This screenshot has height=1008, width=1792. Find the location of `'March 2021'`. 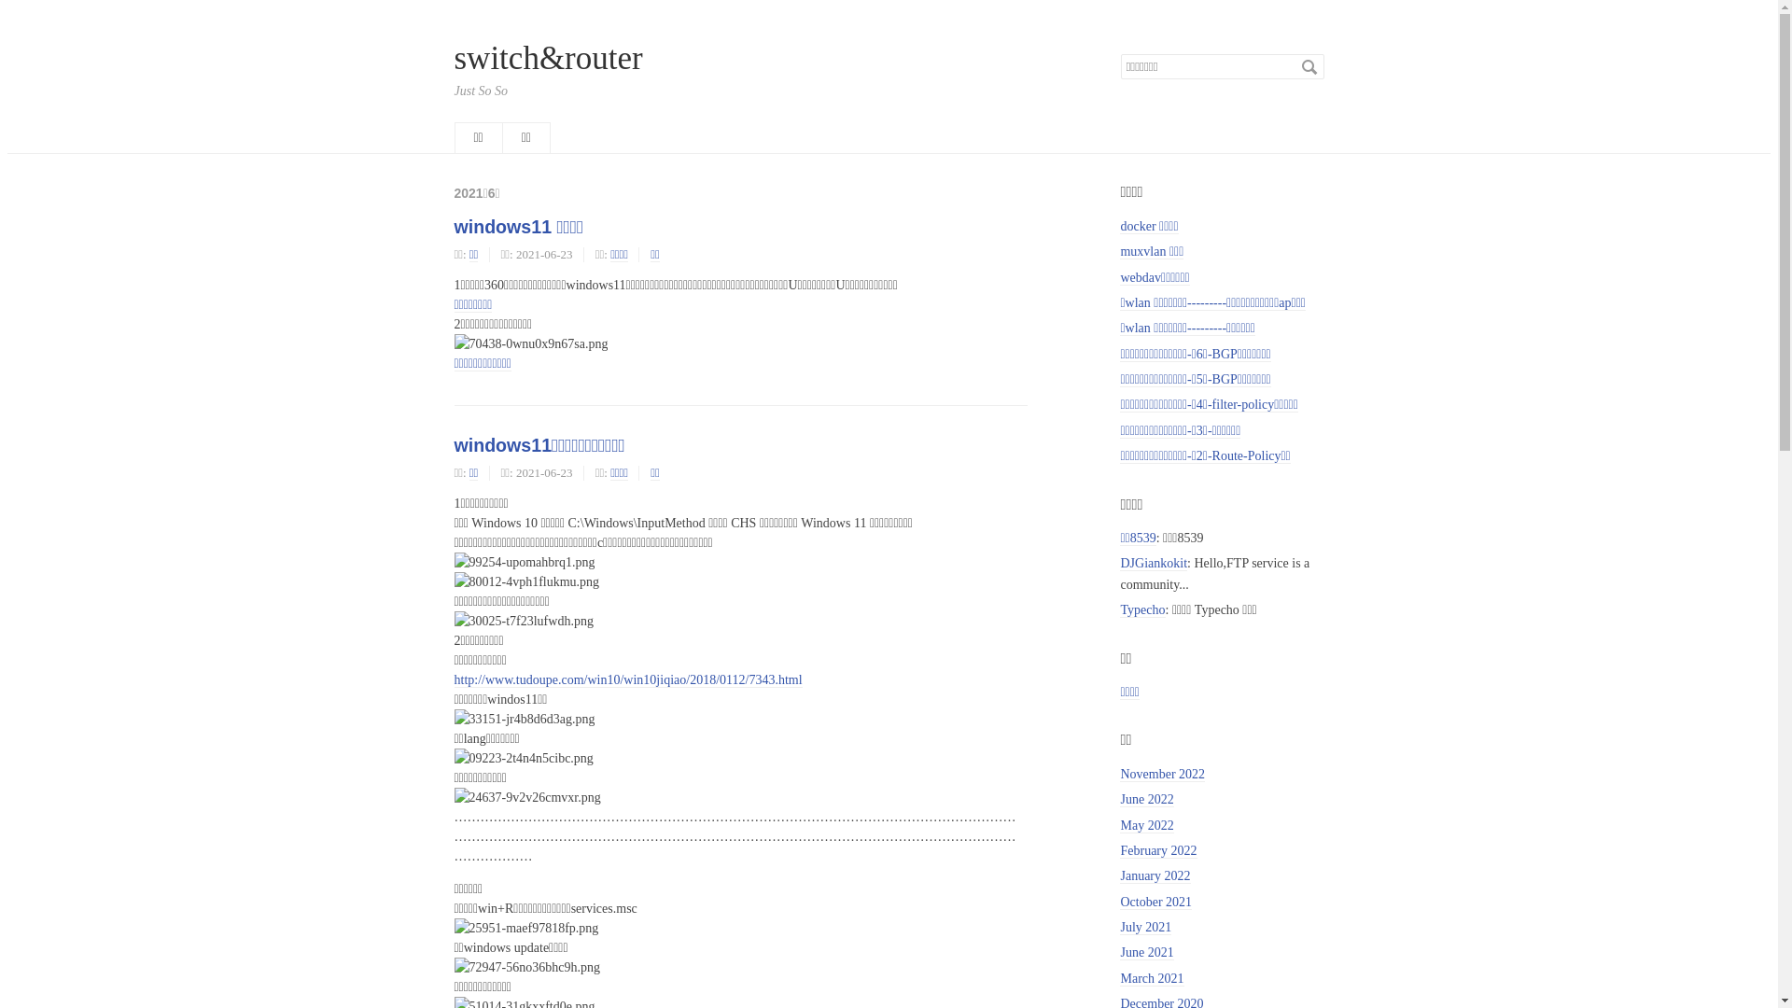

'March 2021' is located at coordinates (1150, 978).